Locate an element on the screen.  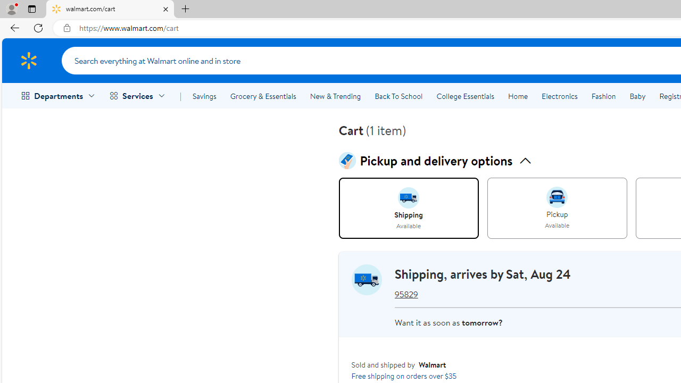
'College Essentials' is located at coordinates (465, 96).